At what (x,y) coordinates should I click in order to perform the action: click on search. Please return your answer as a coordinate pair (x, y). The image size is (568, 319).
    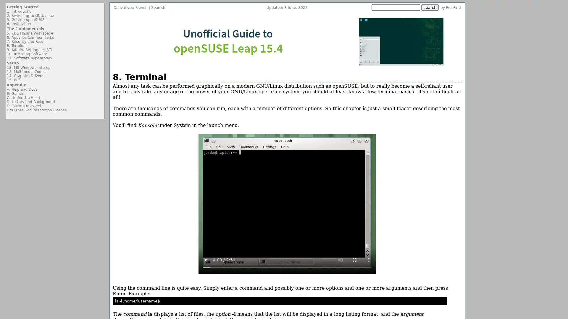
    Looking at the image, I should click on (430, 7).